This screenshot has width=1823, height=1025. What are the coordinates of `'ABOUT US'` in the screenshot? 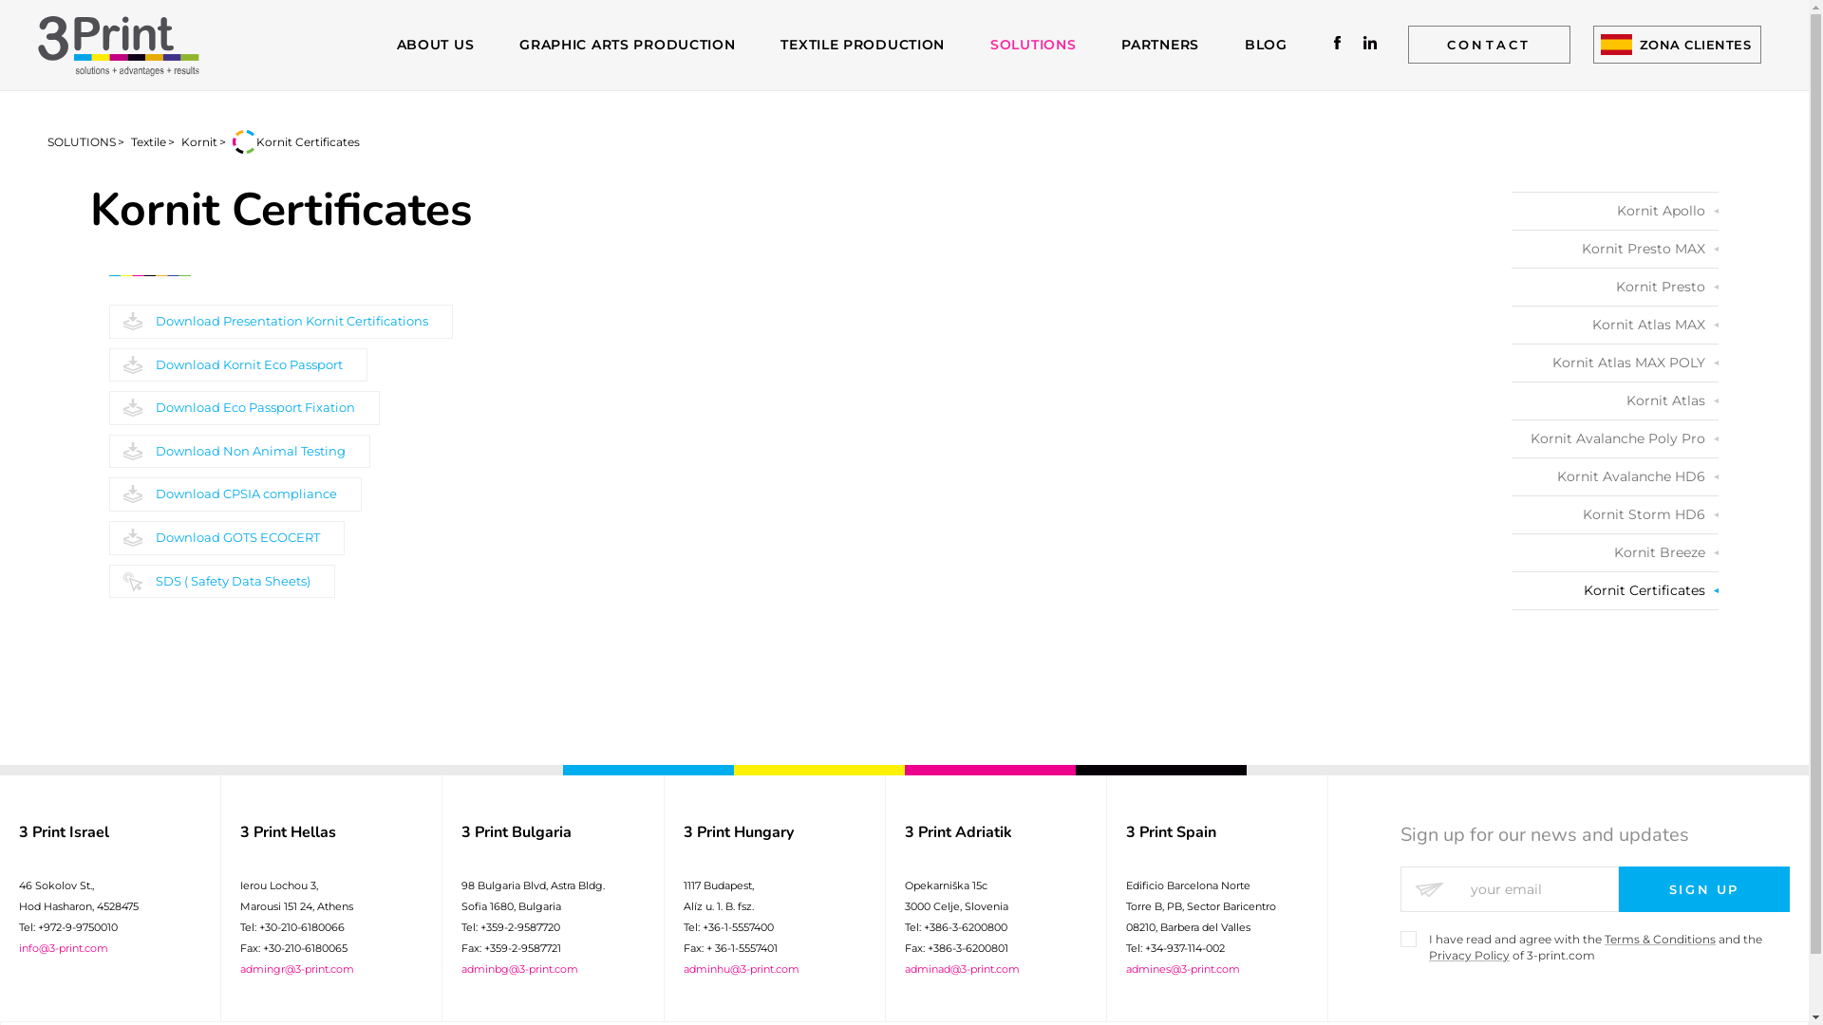 It's located at (435, 43).